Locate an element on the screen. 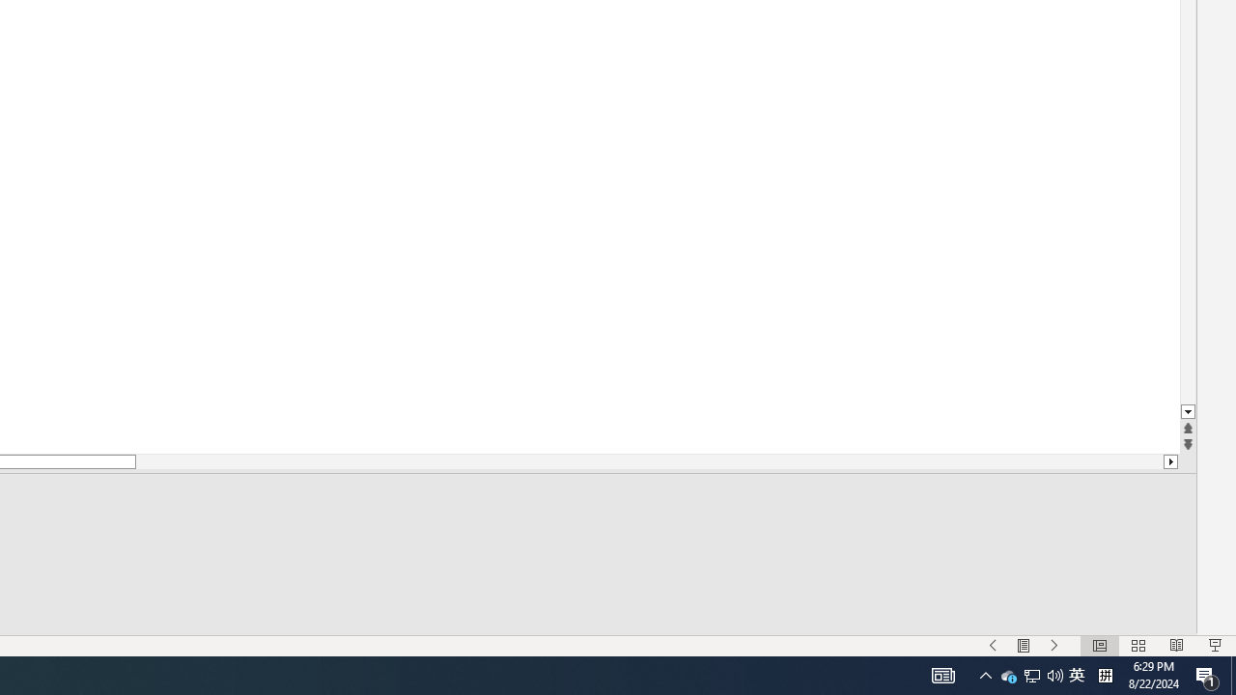 The image size is (1236, 695). 'Menu On' is located at coordinates (1023, 646).